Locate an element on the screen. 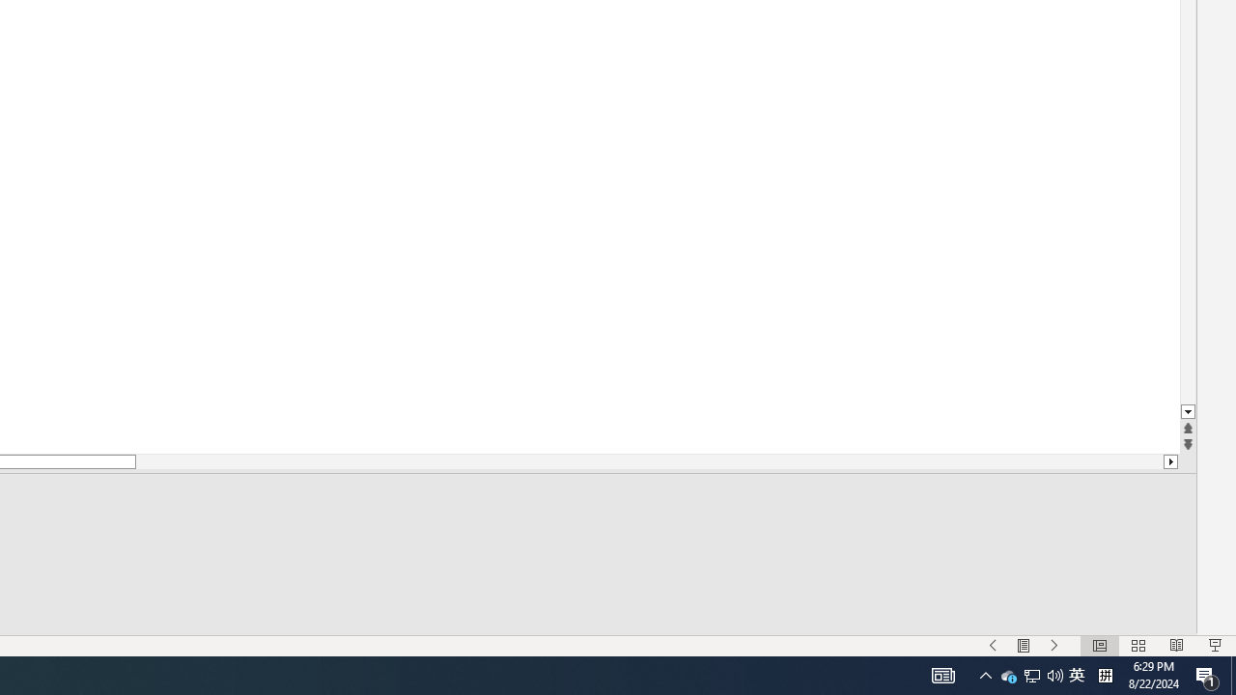 The image size is (1236, 695). 'Menu On' is located at coordinates (1023, 646).